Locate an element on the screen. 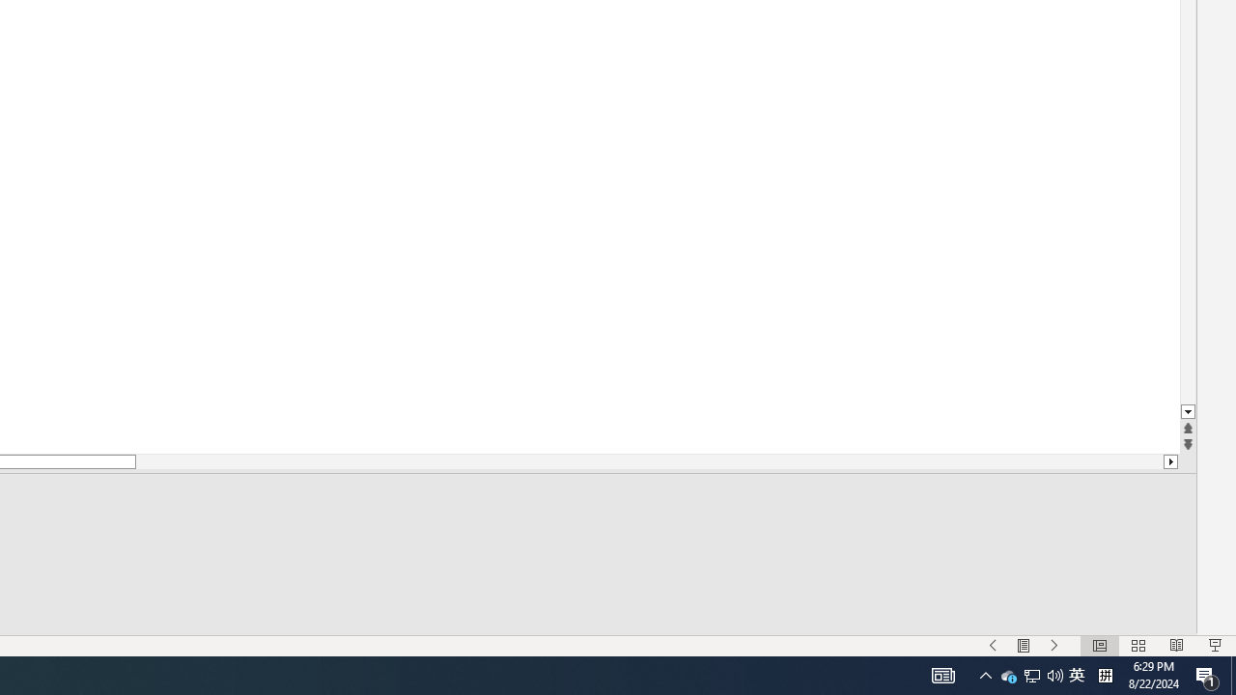 The image size is (1236, 695). 'Menu On' is located at coordinates (1023, 646).